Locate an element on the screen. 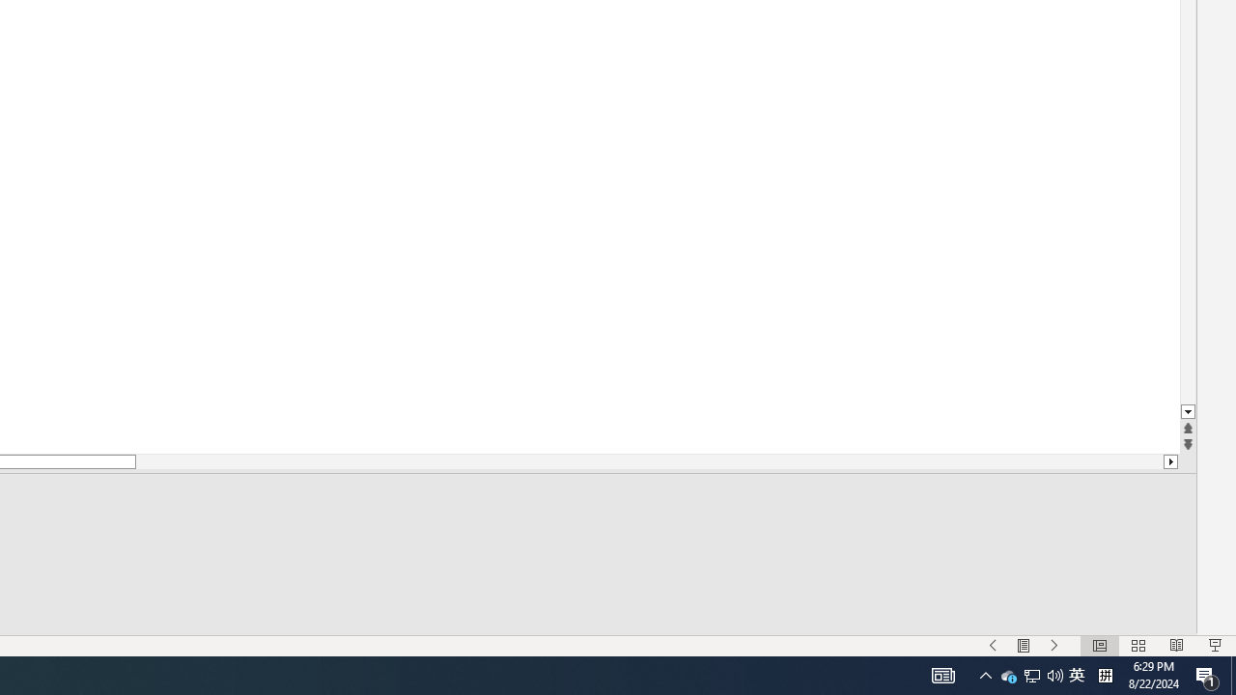 The image size is (1236, 695). 'Menu On' is located at coordinates (1023, 646).